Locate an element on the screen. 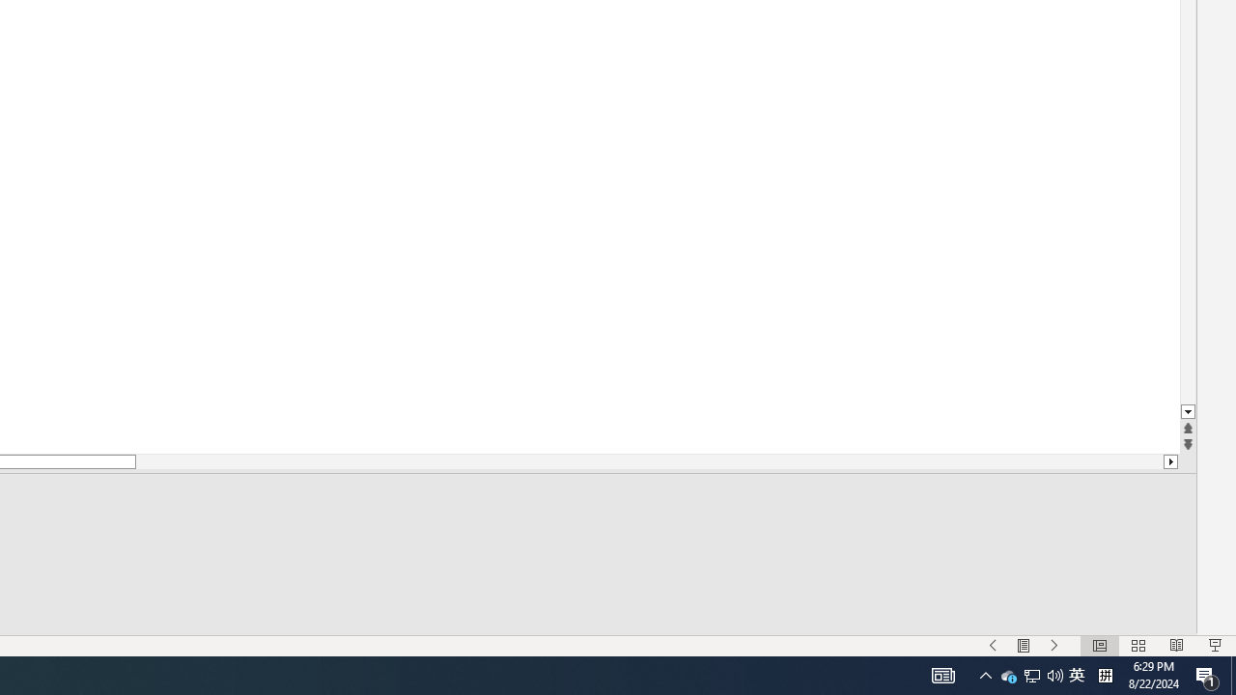 The image size is (1236, 695). 'Menu On' is located at coordinates (1023, 646).